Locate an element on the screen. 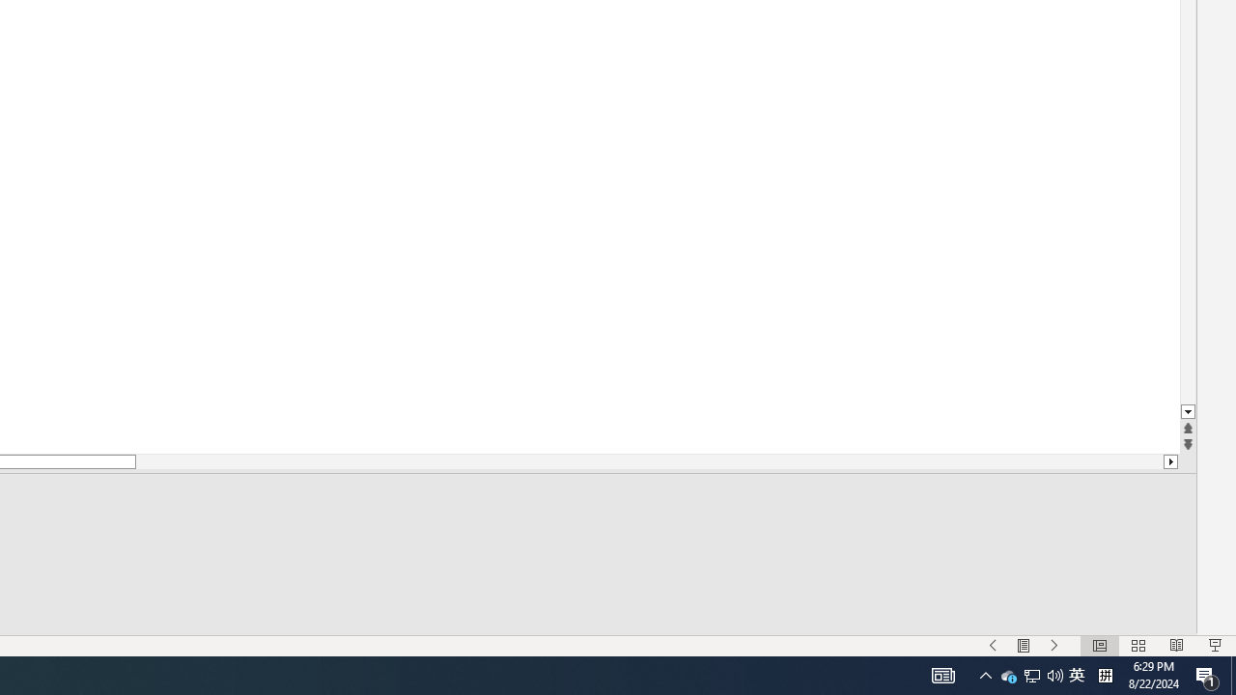 The image size is (1236, 695). 'Menu On' is located at coordinates (1023, 646).